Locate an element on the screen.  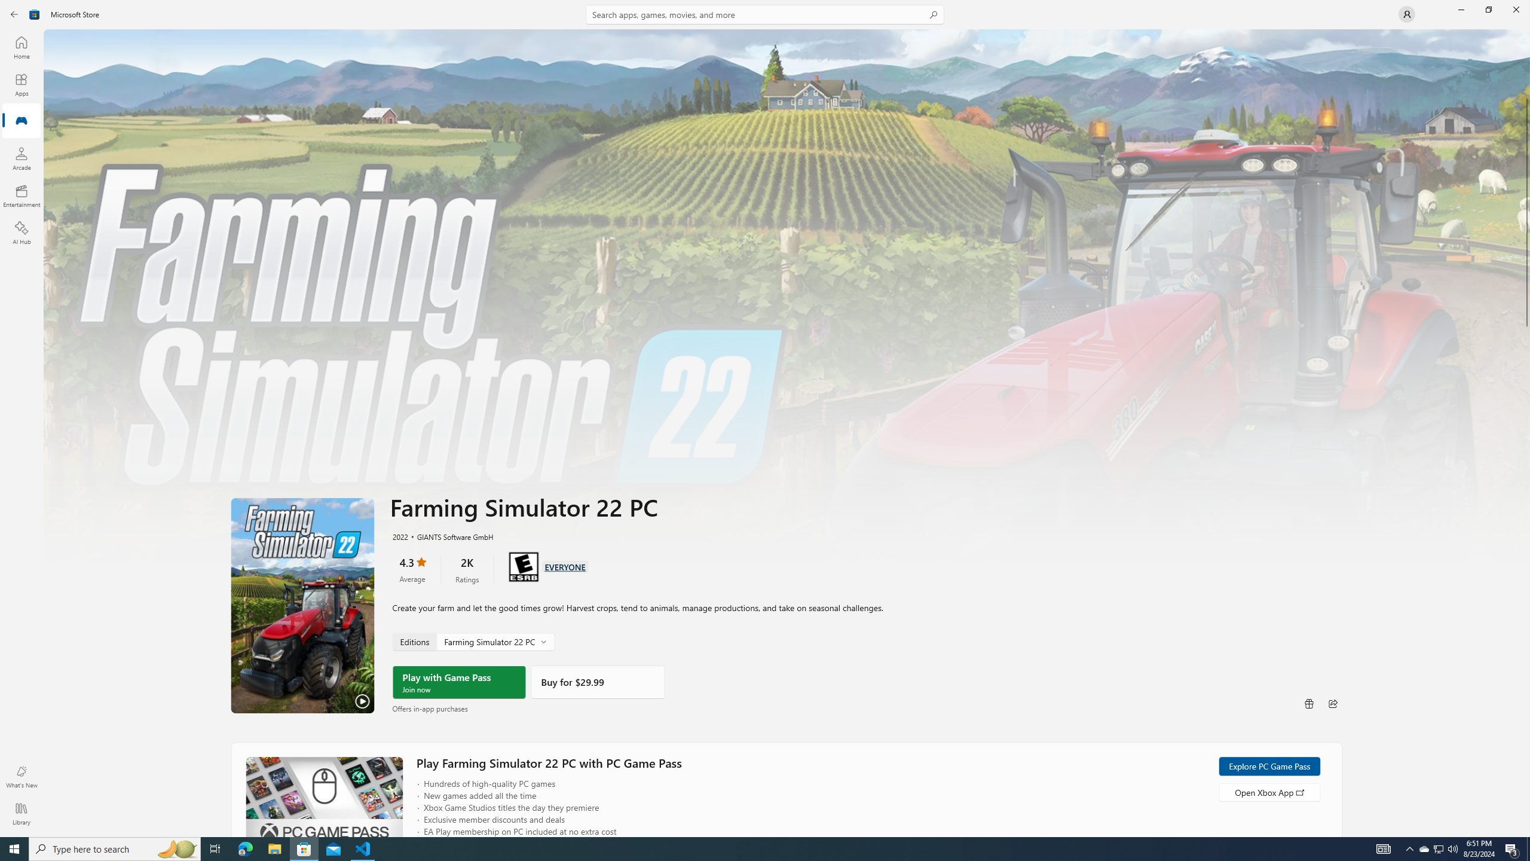
'Vertical Large Decrease' is located at coordinates (1525, 66).